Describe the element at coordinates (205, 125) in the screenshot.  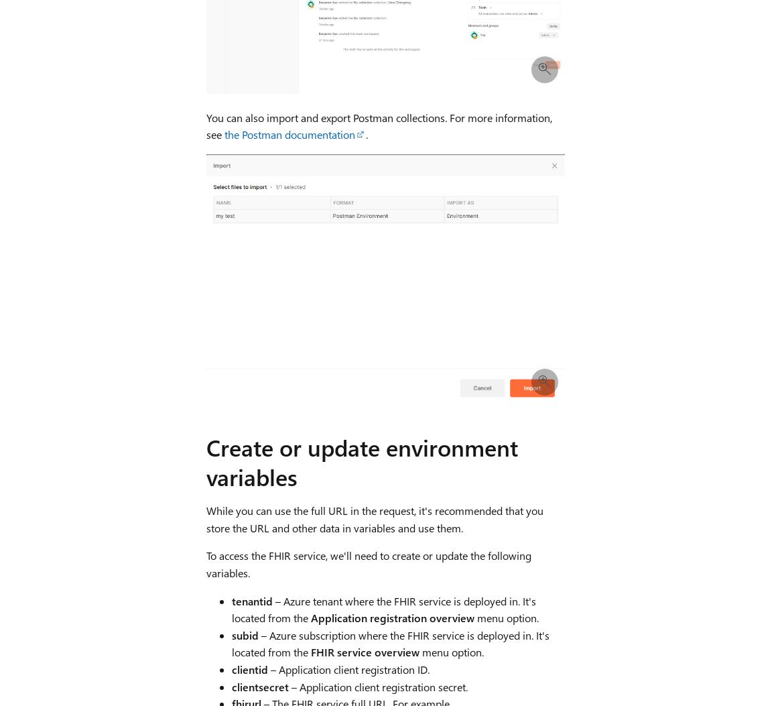
I see `'You can also import and export Postman collections. For more information, see'` at that location.